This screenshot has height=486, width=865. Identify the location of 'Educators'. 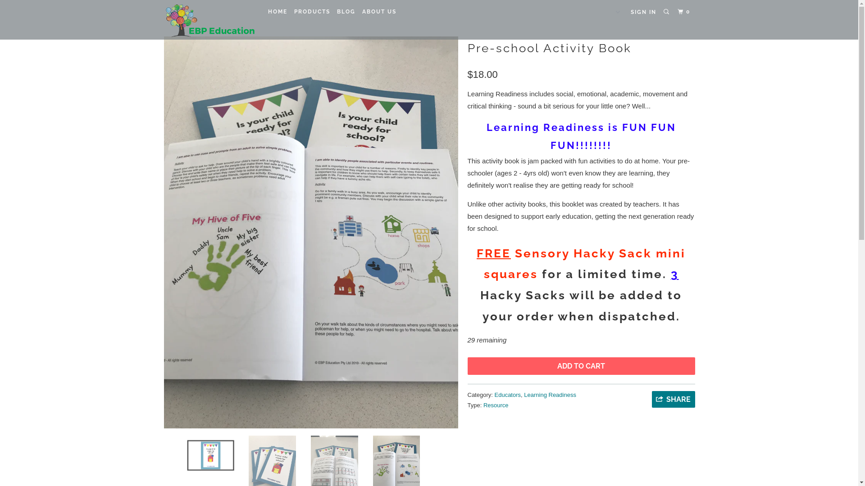
(494, 394).